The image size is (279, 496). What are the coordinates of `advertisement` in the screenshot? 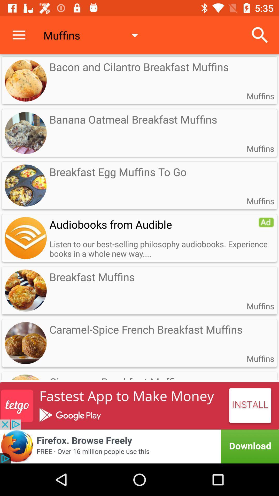 It's located at (26, 238).